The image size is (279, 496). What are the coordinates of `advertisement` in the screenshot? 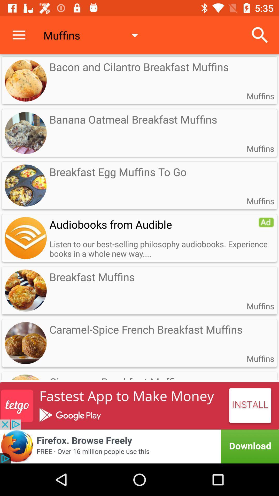 It's located at (26, 238).